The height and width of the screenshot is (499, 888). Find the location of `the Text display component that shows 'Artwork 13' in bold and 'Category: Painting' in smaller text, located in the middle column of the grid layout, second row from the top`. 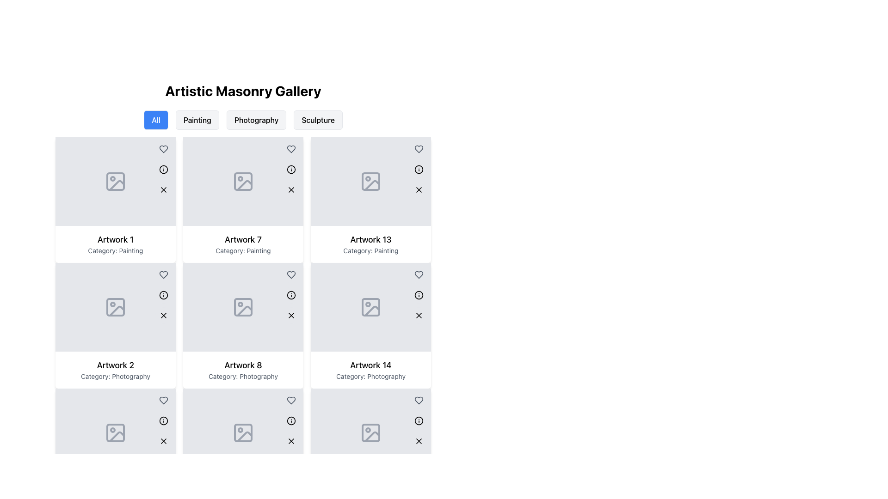

the Text display component that shows 'Artwork 13' in bold and 'Category: Painting' in smaller text, located in the middle column of the grid layout, second row from the top is located at coordinates (370, 243).